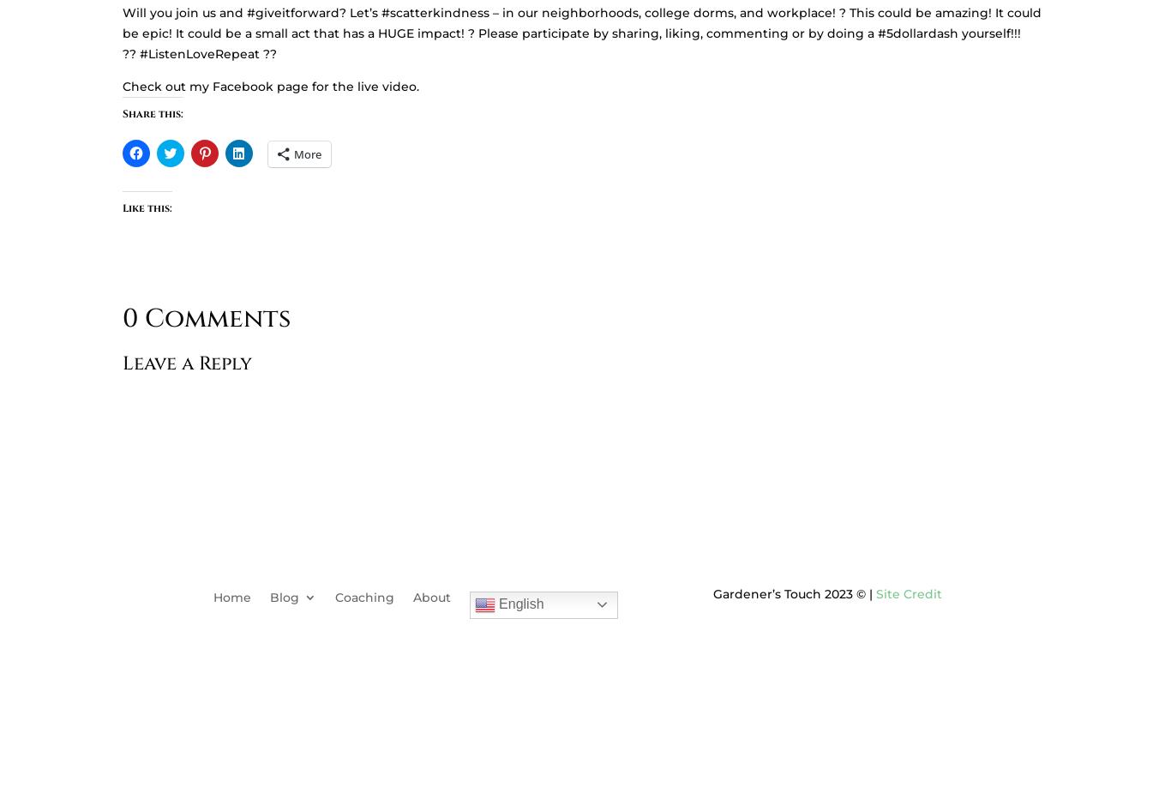  Describe the element at coordinates (518, 602) in the screenshot. I see `'English'` at that location.